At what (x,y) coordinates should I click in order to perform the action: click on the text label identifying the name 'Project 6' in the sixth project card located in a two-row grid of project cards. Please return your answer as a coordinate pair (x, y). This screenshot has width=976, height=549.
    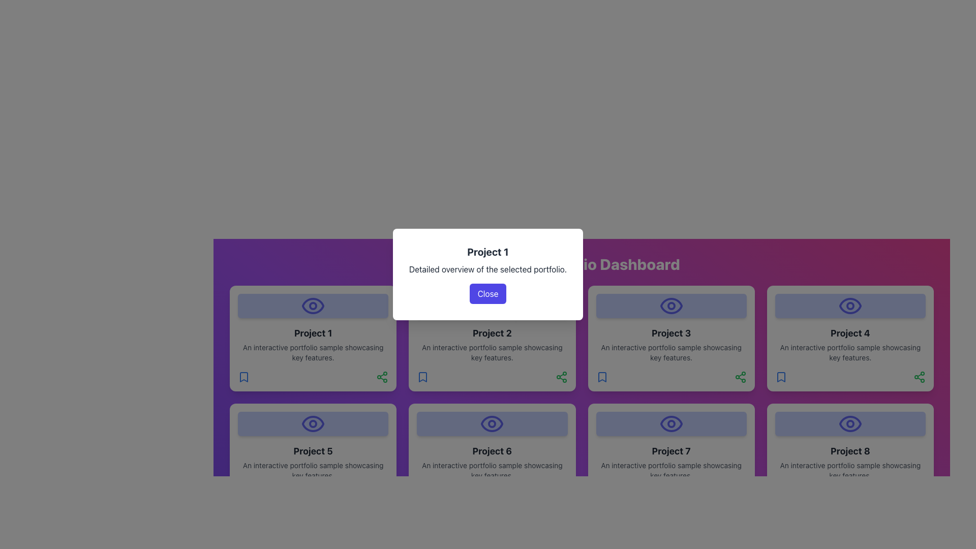
    Looking at the image, I should click on (492, 450).